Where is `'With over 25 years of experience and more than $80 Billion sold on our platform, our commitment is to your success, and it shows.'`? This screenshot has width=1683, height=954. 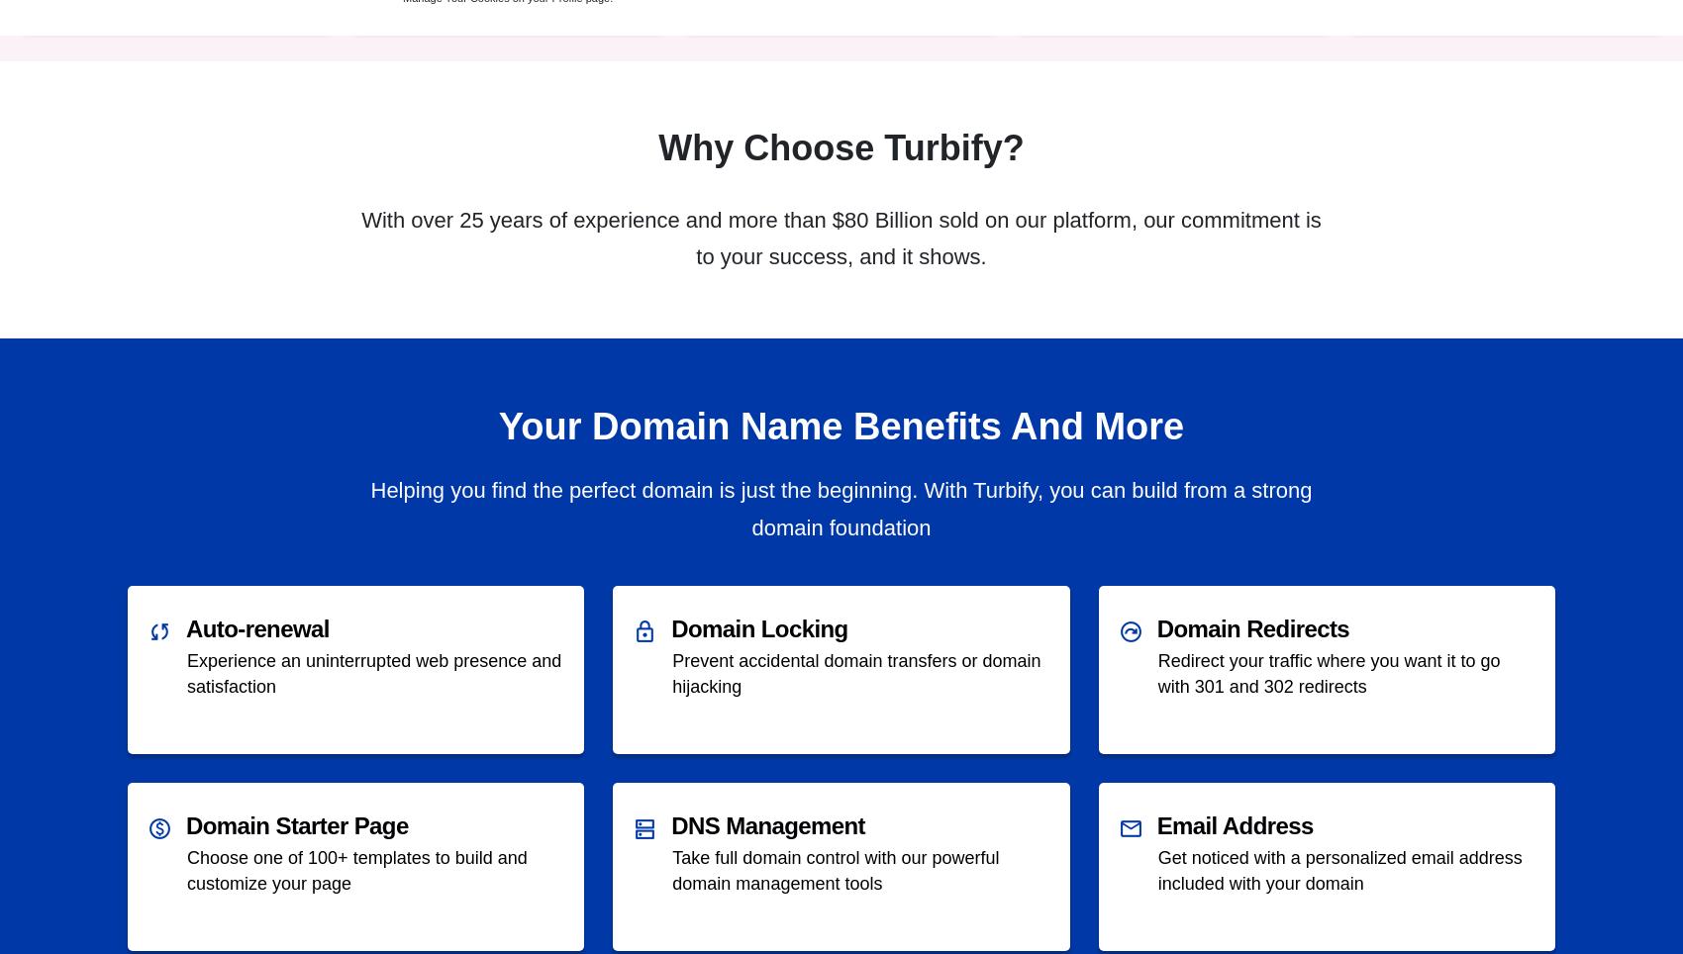 'With over 25 years of experience and more than $80 Billion sold on our platform, our commitment is to your success, and it shows.' is located at coordinates (359, 238).